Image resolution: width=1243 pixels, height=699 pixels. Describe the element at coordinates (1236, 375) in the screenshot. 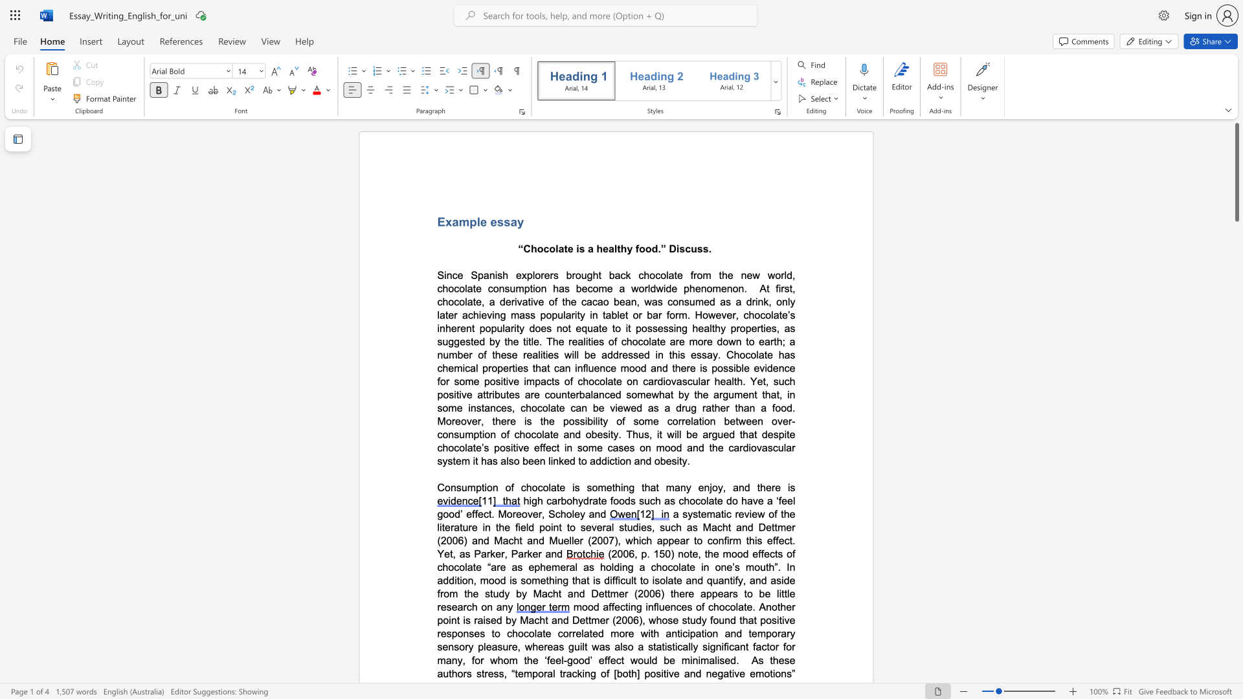

I see `the scrollbar to slide the page down` at that location.